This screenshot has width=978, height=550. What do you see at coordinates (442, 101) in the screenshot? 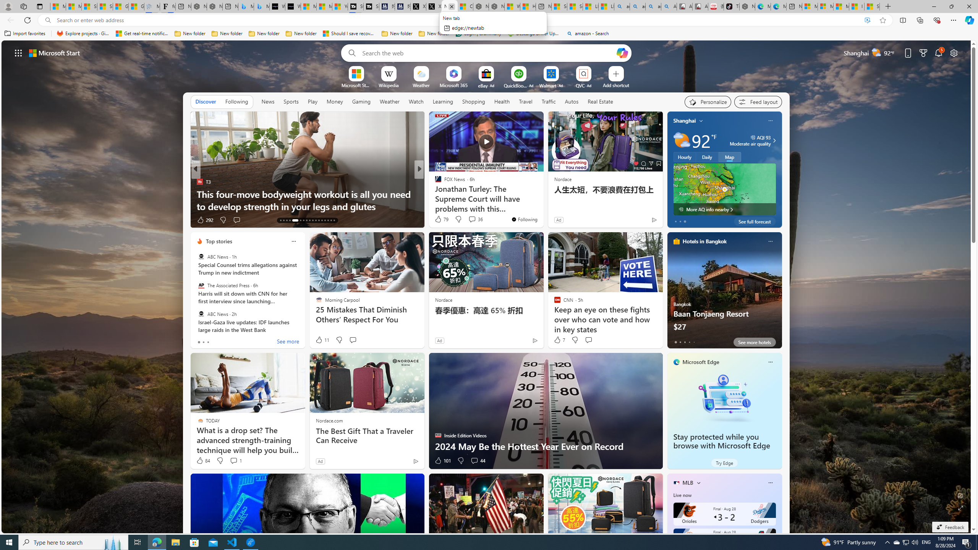
I see `'Learning'` at bounding box center [442, 101].